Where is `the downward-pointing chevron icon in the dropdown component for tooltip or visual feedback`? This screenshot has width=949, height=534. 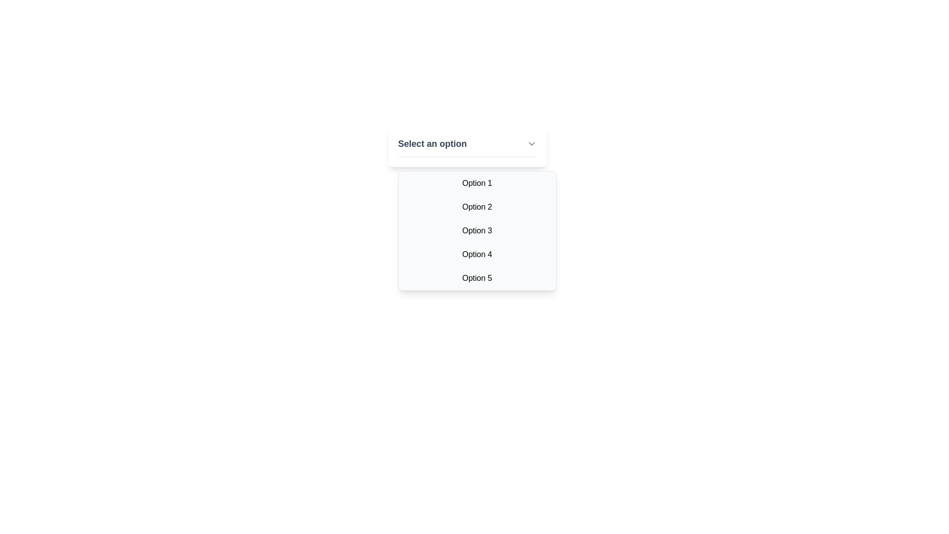
the downward-pointing chevron icon in the dropdown component for tooltip or visual feedback is located at coordinates (531, 143).